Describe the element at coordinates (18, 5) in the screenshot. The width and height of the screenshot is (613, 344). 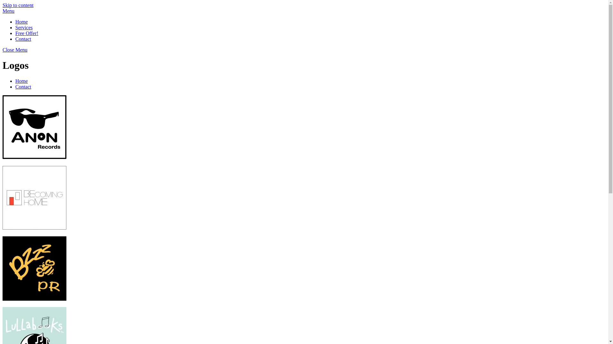
I see `'Skip to content'` at that location.